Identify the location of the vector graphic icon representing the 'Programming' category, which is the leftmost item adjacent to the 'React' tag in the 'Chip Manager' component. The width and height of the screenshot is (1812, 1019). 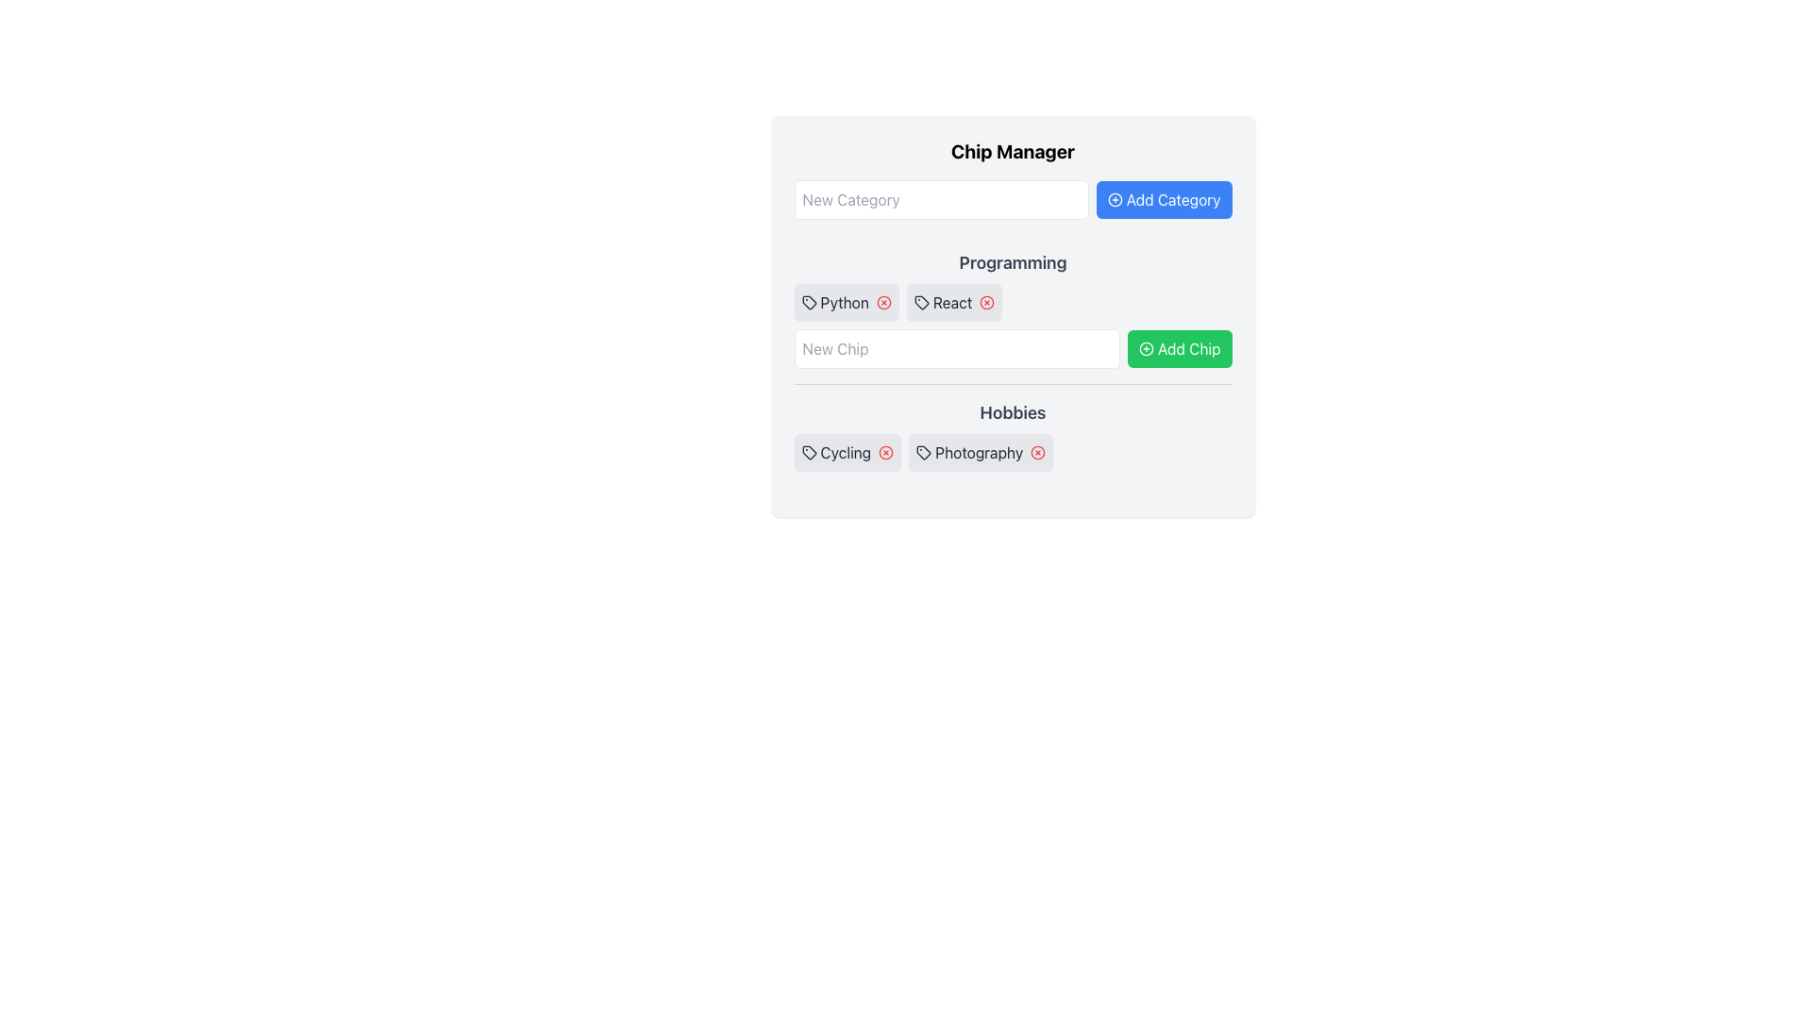
(809, 301).